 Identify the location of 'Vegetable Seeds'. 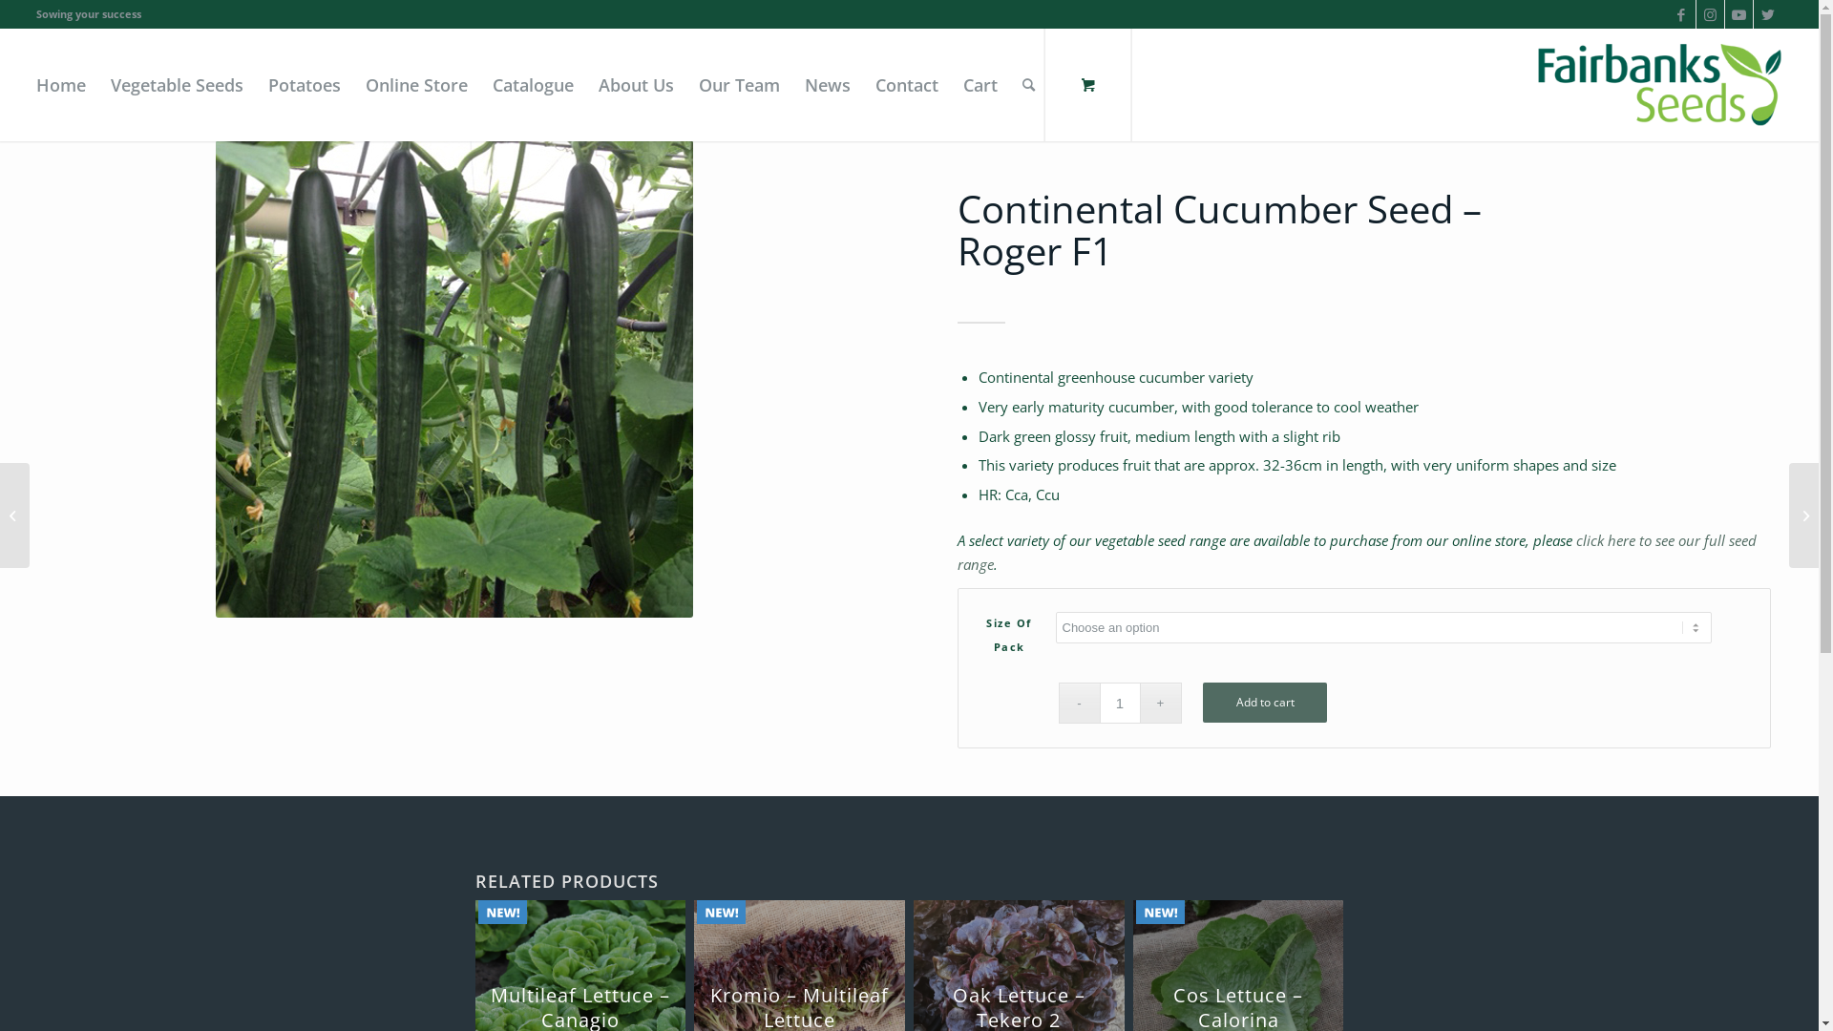
(177, 83).